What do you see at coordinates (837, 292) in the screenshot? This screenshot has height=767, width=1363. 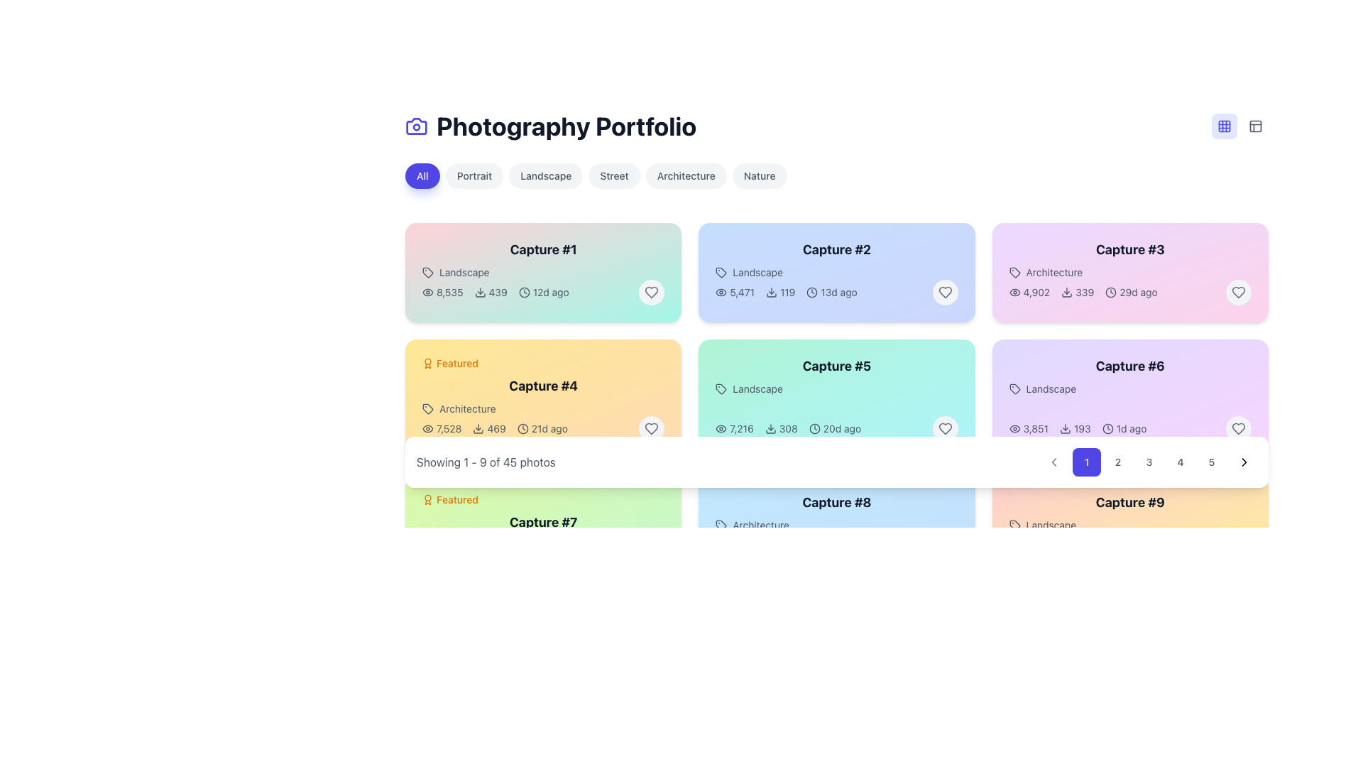 I see `the informational banner that provides statistical information about views, downloads, and the age of the capture, located below the label 'Landscape' in the lower section of the card labeled 'Capture #2'` at bounding box center [837, 292].